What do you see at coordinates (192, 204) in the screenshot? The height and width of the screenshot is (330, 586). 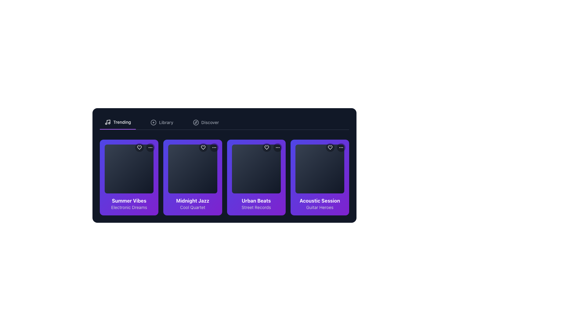 I see `the Text Display Component of the 'Midnight Jazz' music card, which displays 'Midnight Jazz' in bold white text and 'Cool Quartet' in a smaller gray font, located at the bottom section of the card` at bounding box center [192, 204].